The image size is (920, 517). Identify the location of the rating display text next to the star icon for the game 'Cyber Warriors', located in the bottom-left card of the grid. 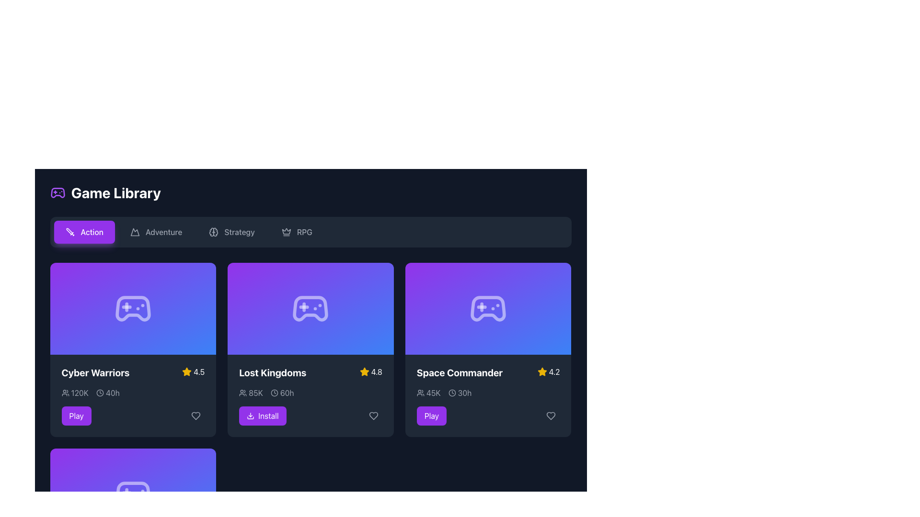
(193, 371).